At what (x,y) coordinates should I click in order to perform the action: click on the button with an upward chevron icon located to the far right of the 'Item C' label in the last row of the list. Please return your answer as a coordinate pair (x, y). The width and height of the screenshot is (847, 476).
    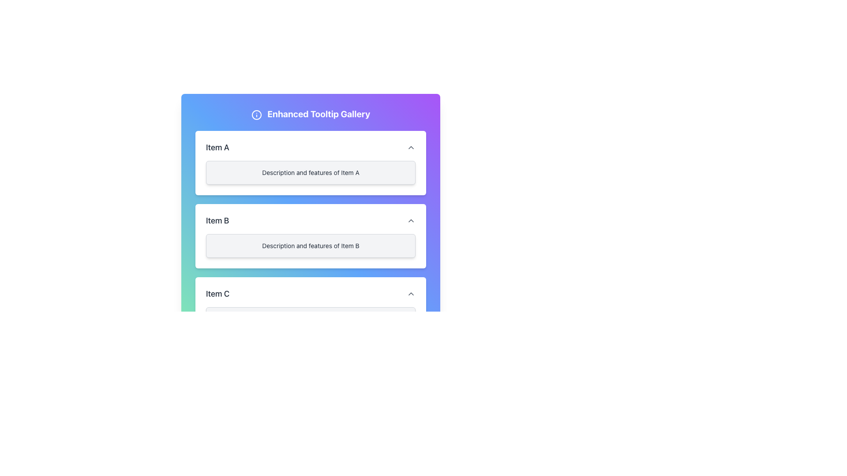
    Looking at the image, I should click on (410, 294).